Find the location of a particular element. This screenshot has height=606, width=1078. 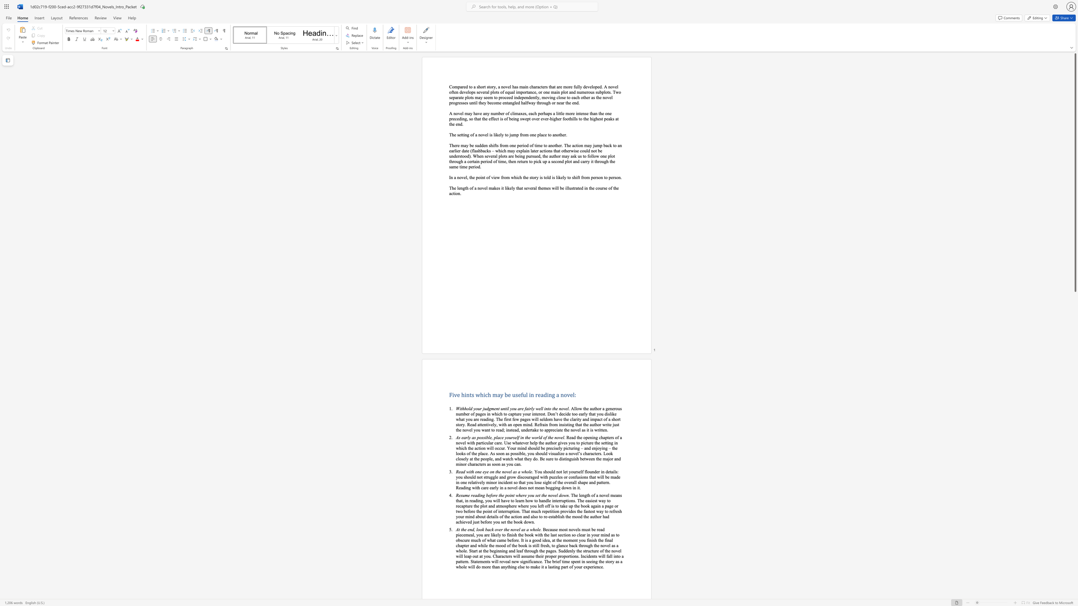

the subset text "ts which may be usefu" within the text "Five hints which may be useful in reading a novel:" is located at coordinates (470, 395).